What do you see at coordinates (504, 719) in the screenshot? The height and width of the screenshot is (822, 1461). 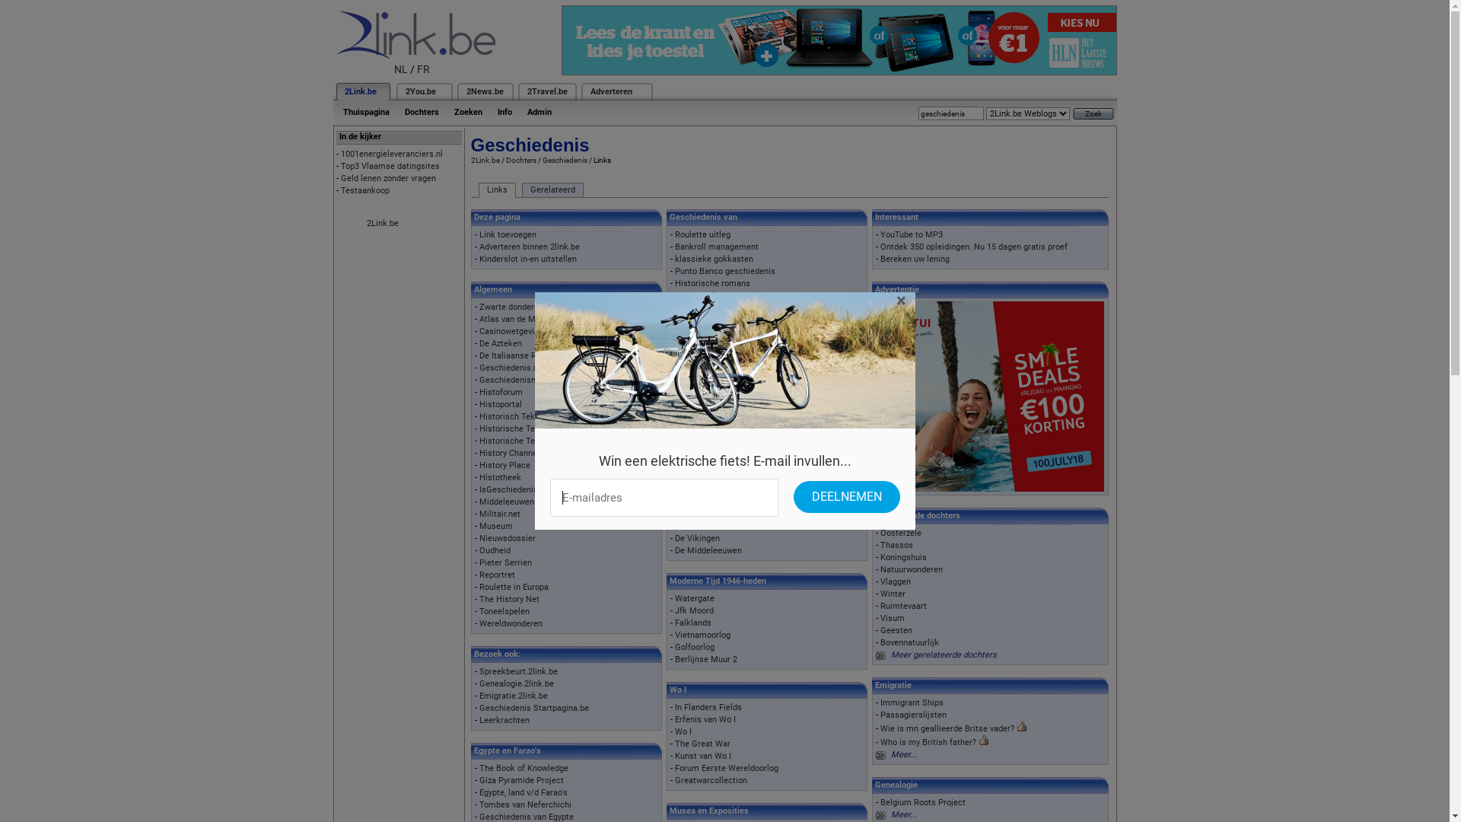 I see `'Leerkrachten'` at bounding box center [504, 719].